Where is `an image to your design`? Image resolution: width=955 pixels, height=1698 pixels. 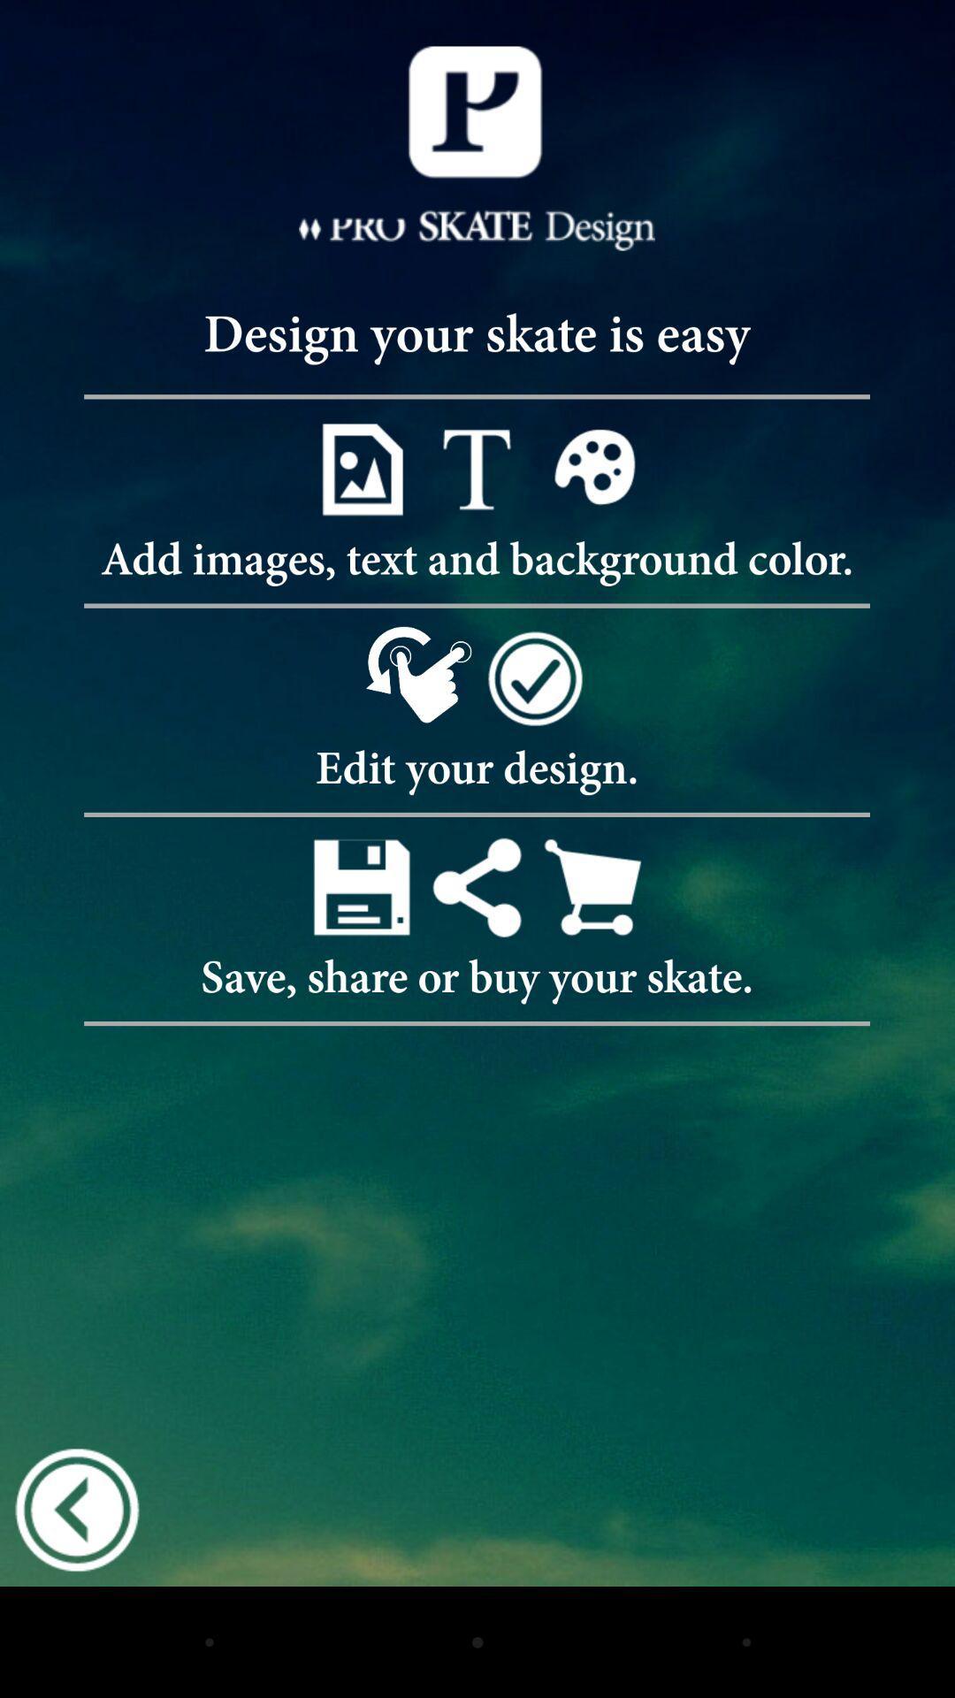 an image to your design is located at coordinates (360, 469).